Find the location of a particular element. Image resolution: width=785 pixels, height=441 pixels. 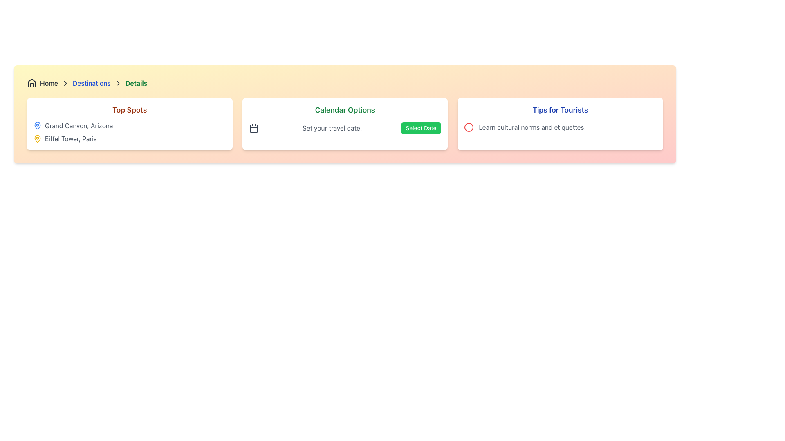

the right-pointing arrow icon located in the breadcrumb navigation bar to the right of the 'Destinations' text, indicating a forward navigation action is located at coordinates (117, 83).